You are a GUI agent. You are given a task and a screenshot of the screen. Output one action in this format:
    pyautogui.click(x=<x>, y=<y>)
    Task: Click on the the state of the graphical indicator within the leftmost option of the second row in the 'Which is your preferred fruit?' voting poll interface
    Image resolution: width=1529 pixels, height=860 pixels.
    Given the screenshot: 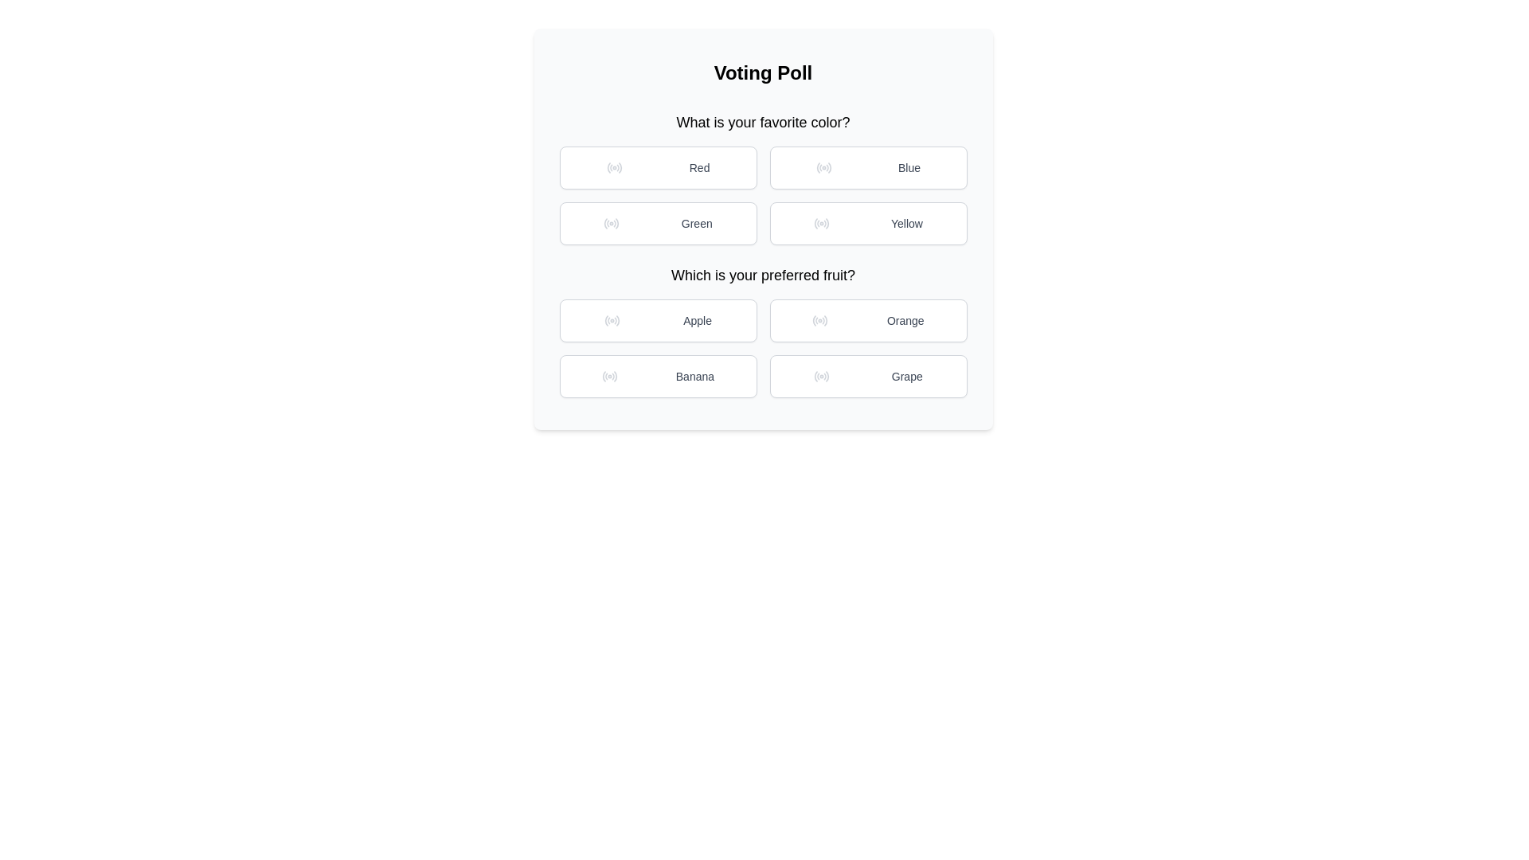 What is the action you would take?
    pyautogui.click(x=603, y=377)
    